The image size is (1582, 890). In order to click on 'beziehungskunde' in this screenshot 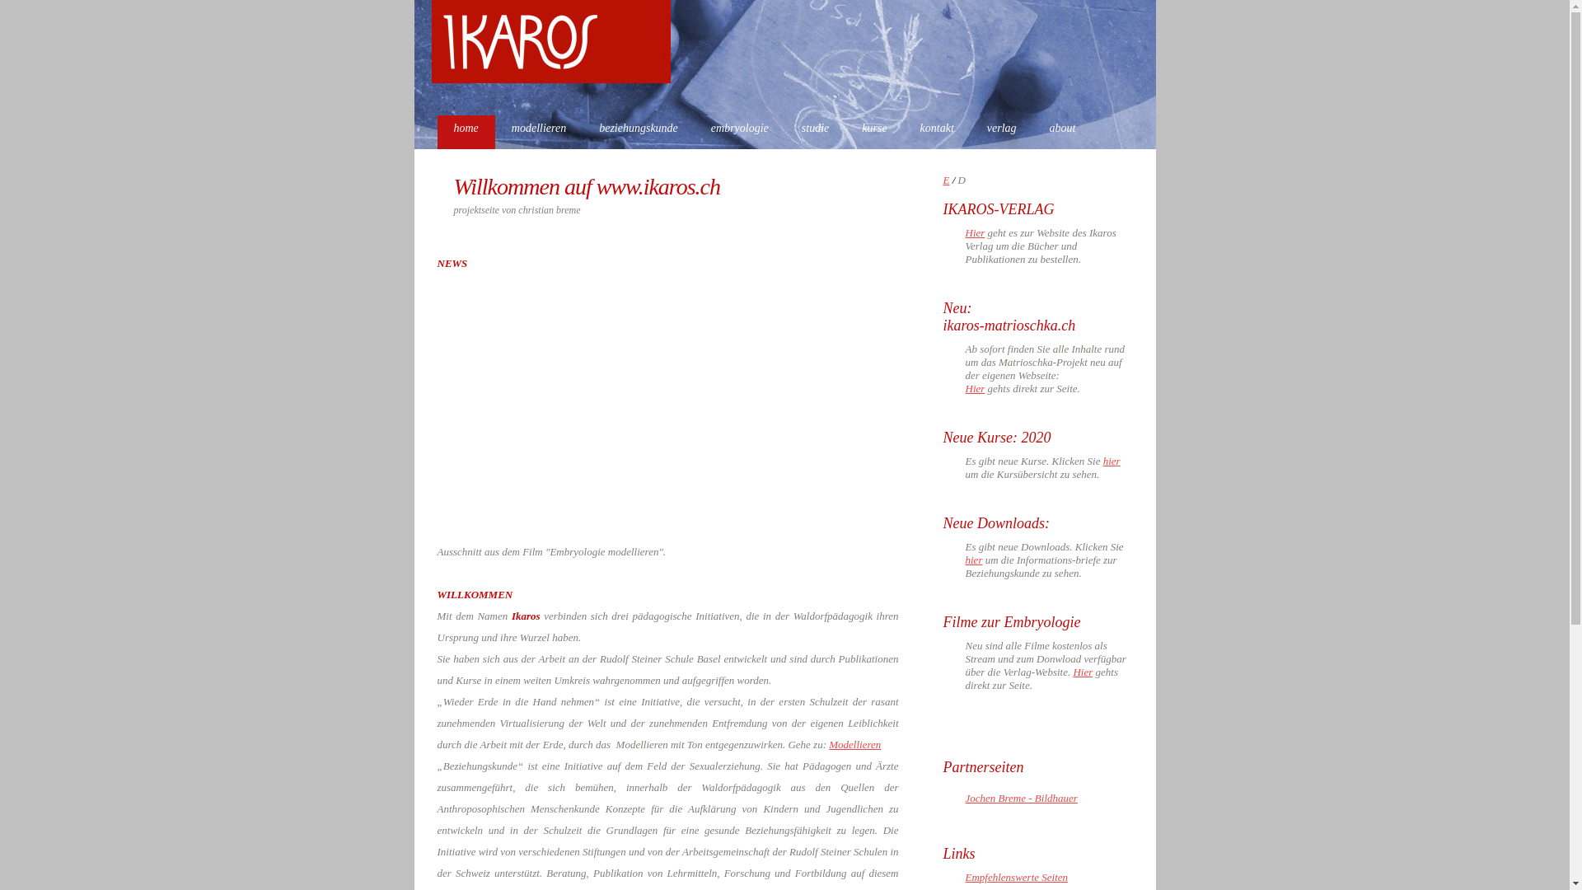, I will do `click(637, 131)`.